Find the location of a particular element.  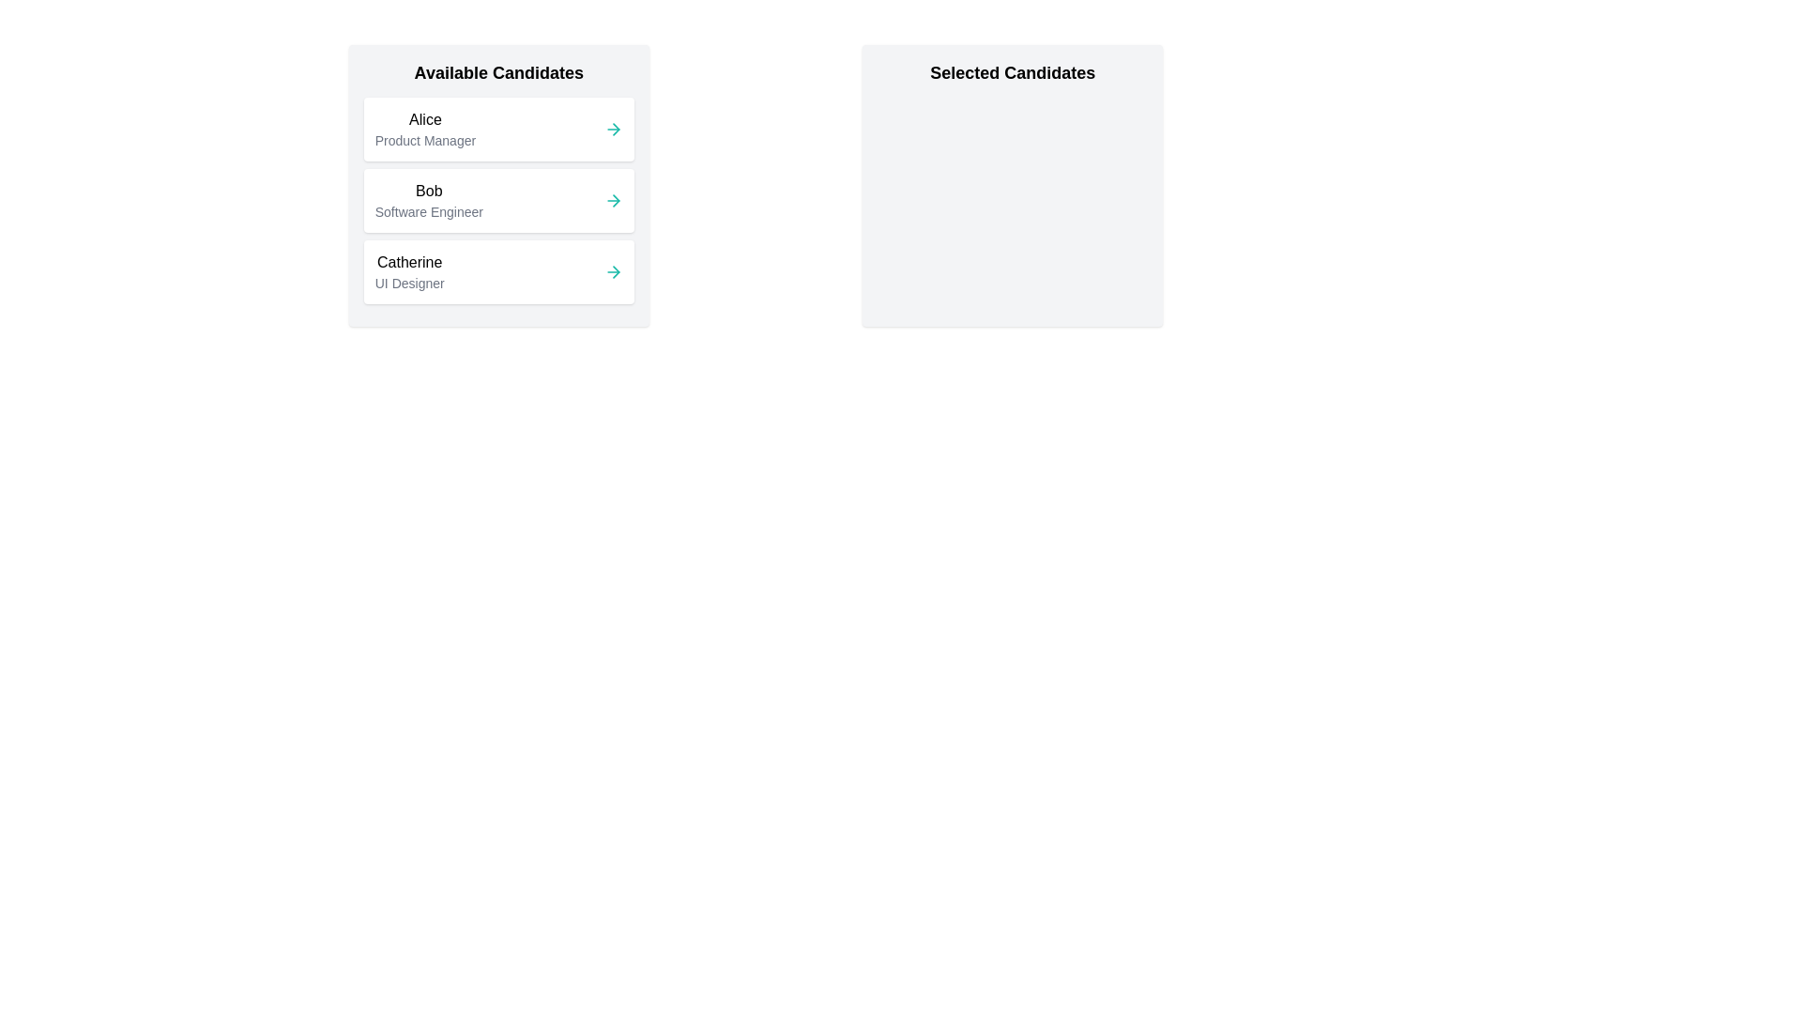

the 'Selected Candidates' section and read its title and description is located at coordinates (1012, 71).